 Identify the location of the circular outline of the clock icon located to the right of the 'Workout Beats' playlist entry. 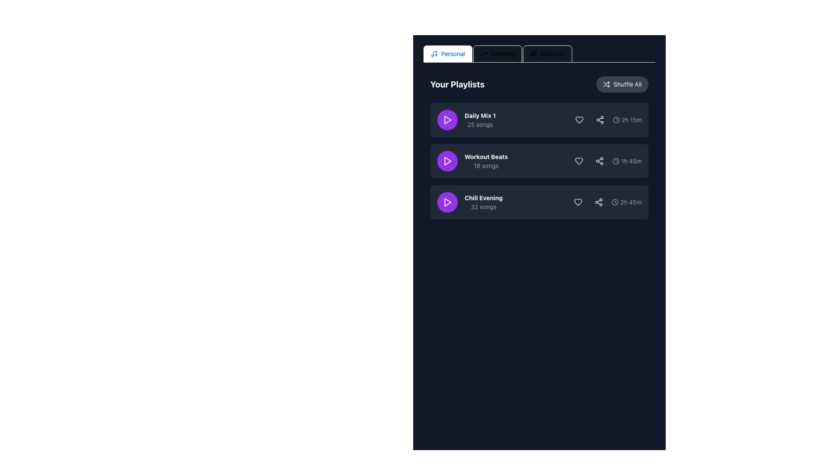
(616, 161).